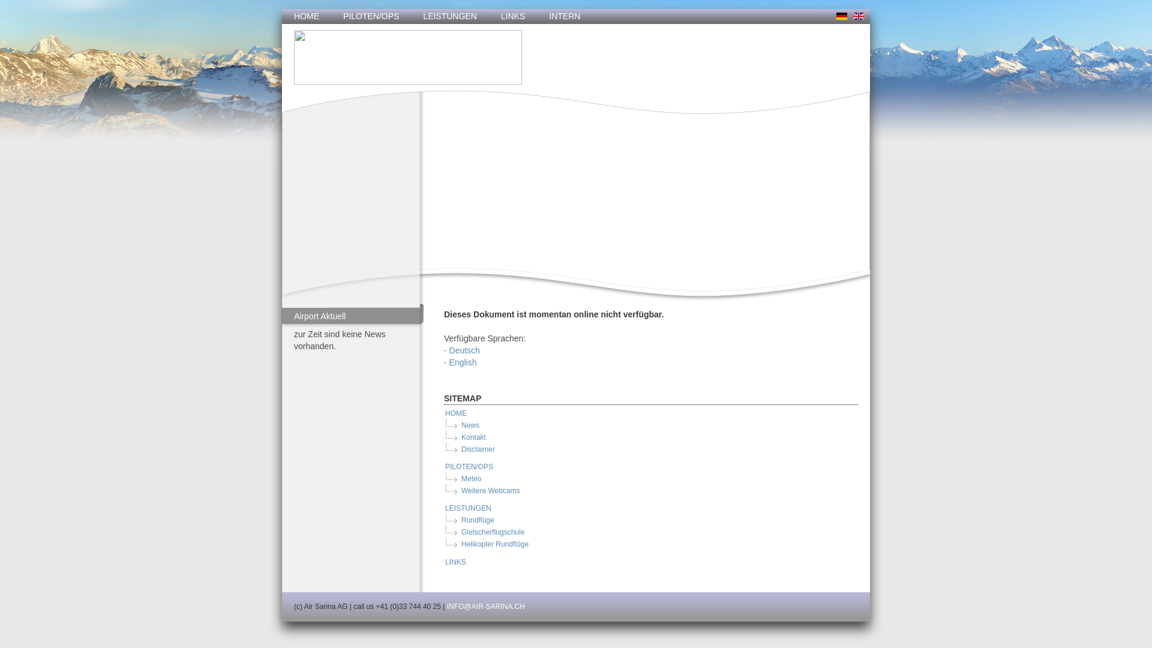 The width and height of the screenshot is (1152, 648). Describe the element at coordinates (306, 16) in the screenshot. I see `'HOME'` at that location.